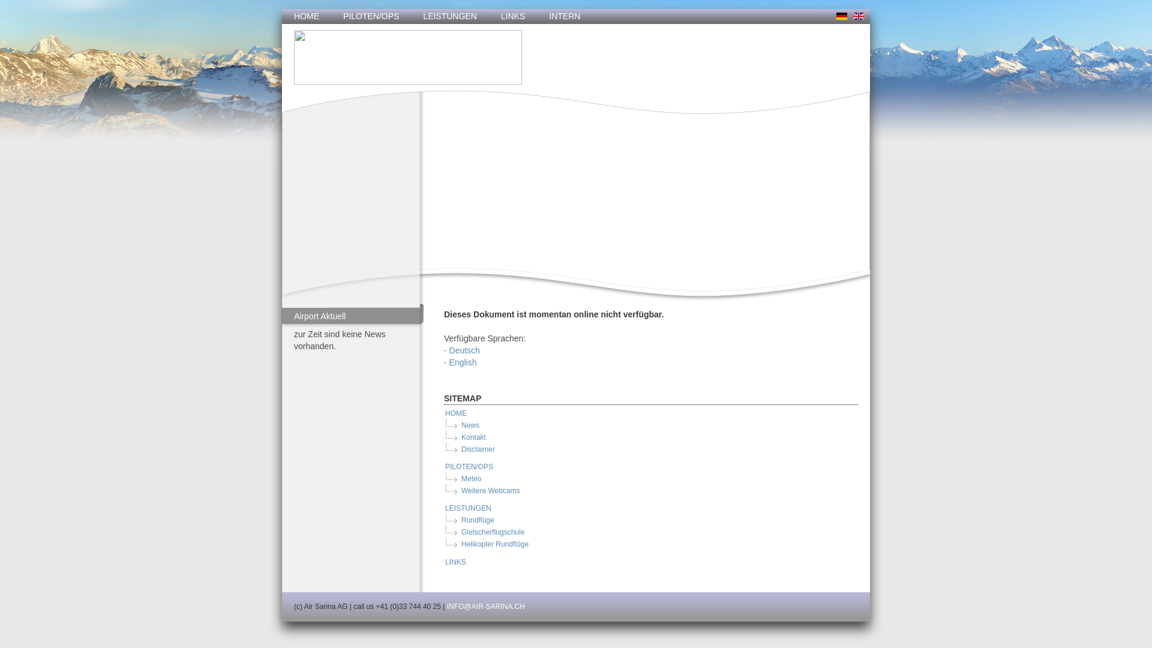 The width and height of the screenshot is (1152, 648). Describe the element at coordinates (306, 16) in the screenshot. I see `'HOME'` at that location.